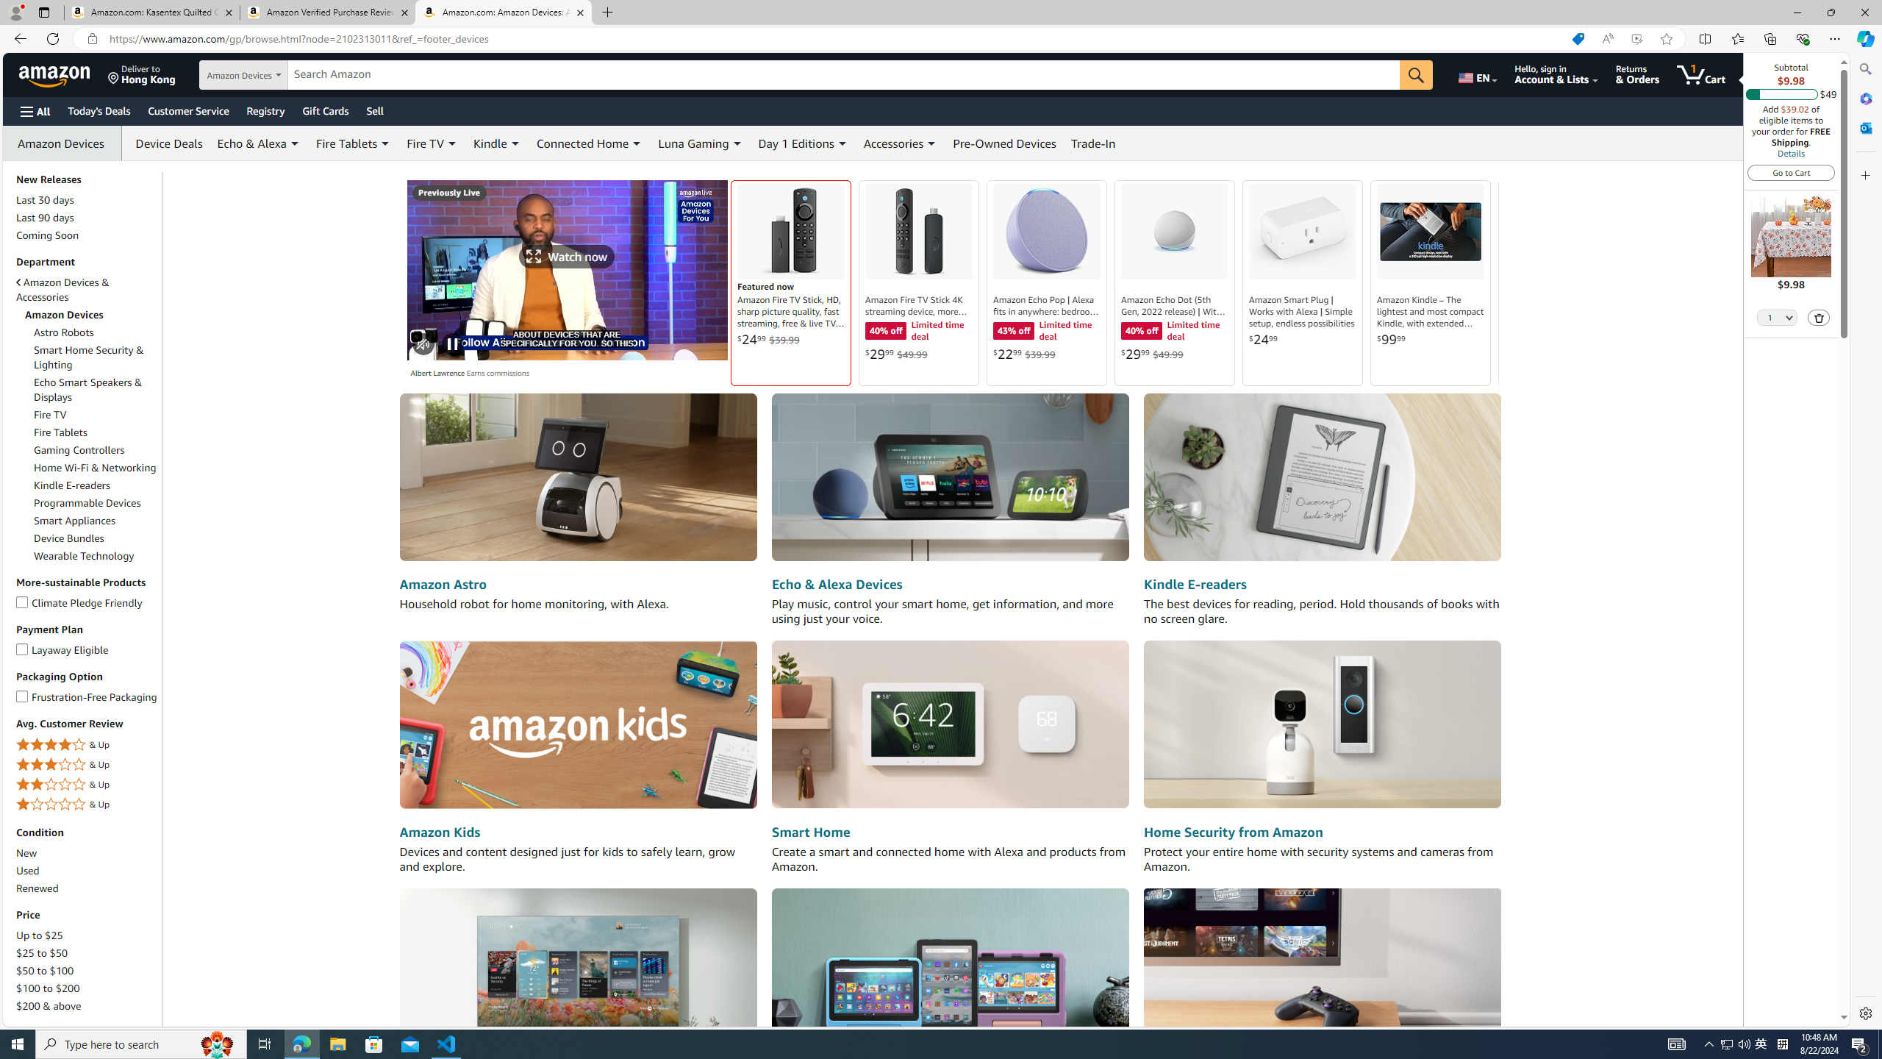 The image size is (1882, 1059). Describe the element at coordinates (87, 1005) in the screenshot. I see `'$200 & above'` at that location.